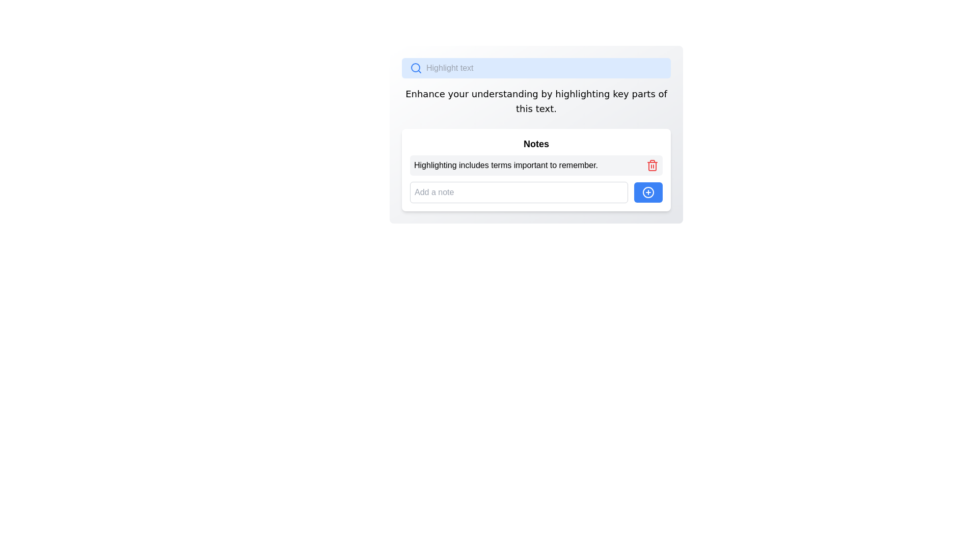 This screenshot has height=550, width=978. I want to click on the ninth character in the instructional text, which is located between 'a' and 'c', positioned centrally in the upper segment of the interface, so click(431, 94).